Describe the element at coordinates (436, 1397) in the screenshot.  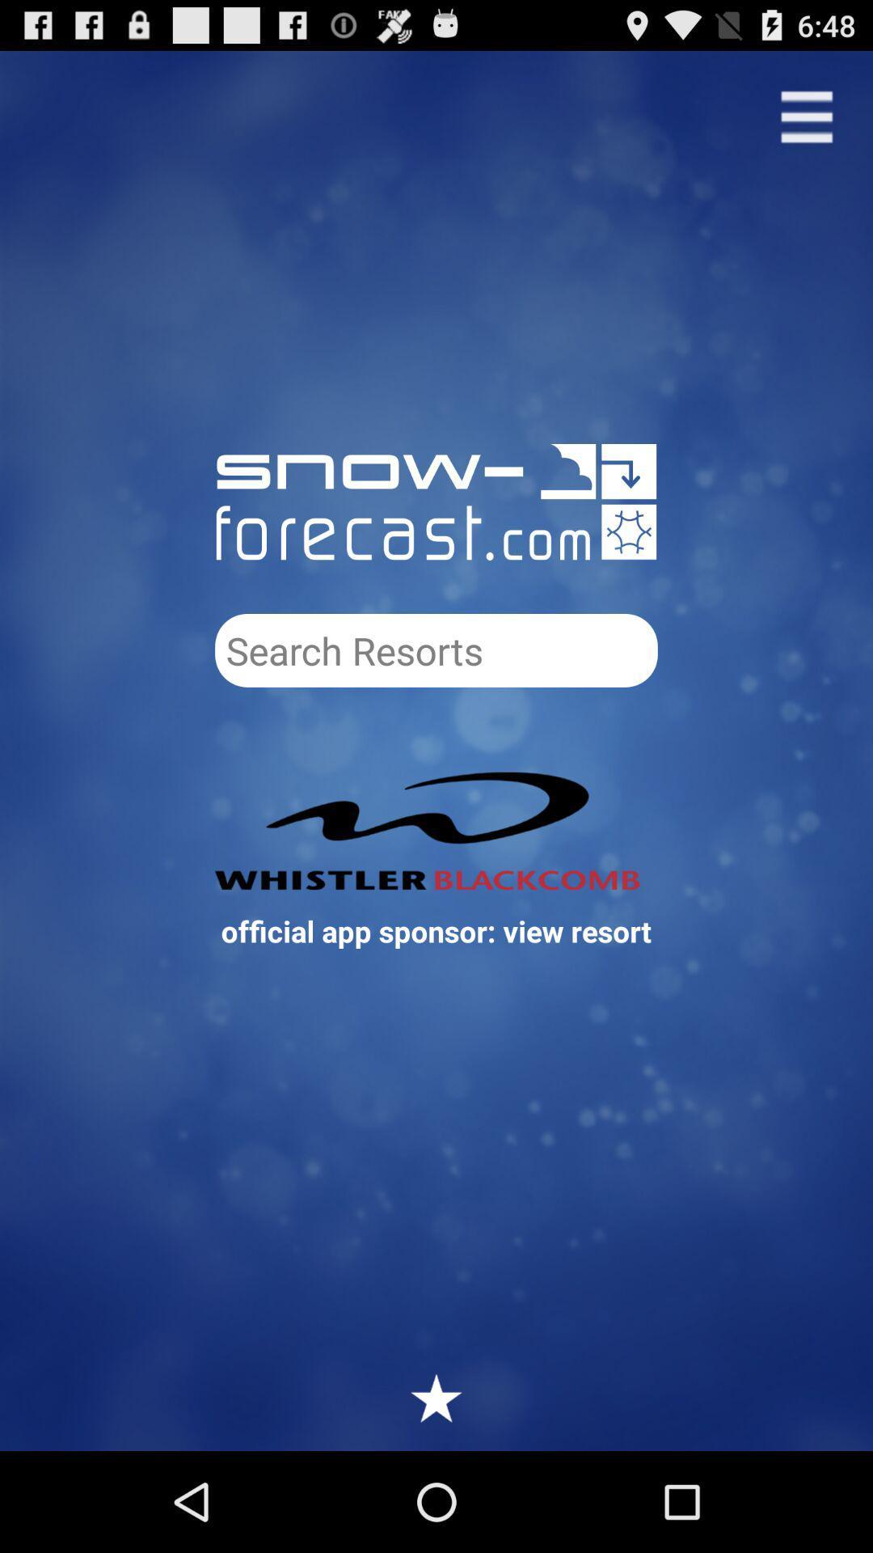
I see `star` at that location.